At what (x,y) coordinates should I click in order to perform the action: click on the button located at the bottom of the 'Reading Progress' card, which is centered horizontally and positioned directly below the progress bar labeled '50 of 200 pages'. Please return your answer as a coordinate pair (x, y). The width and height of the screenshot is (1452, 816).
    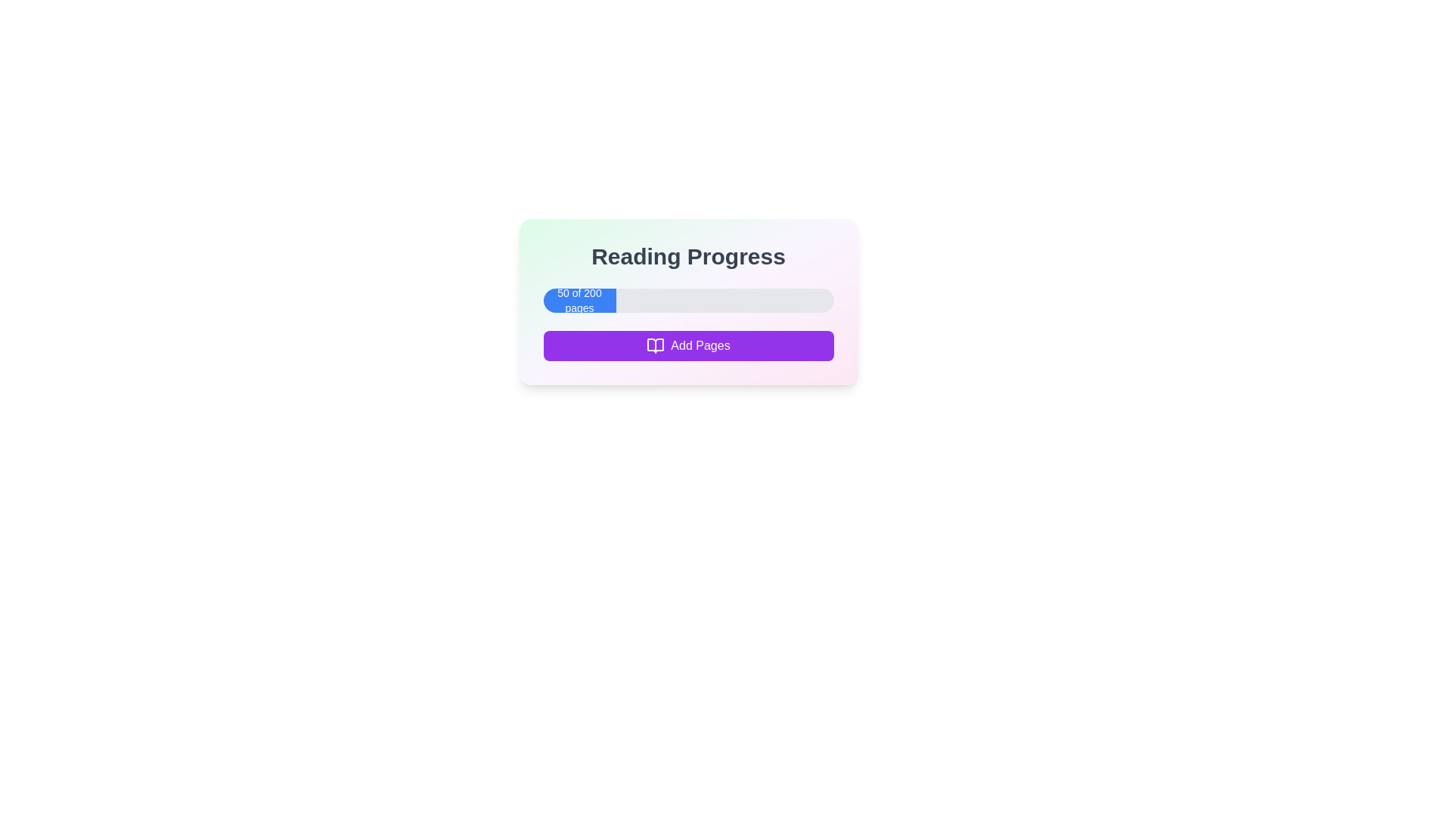
    Looking at the image, I should click on (687, 346).